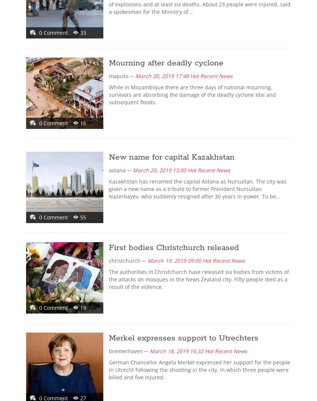  What do you see at coordinates (108, 338) in the screenshot?
I see `'Merkel expresses support to Utrechters'` at bounding box center [108, 338].